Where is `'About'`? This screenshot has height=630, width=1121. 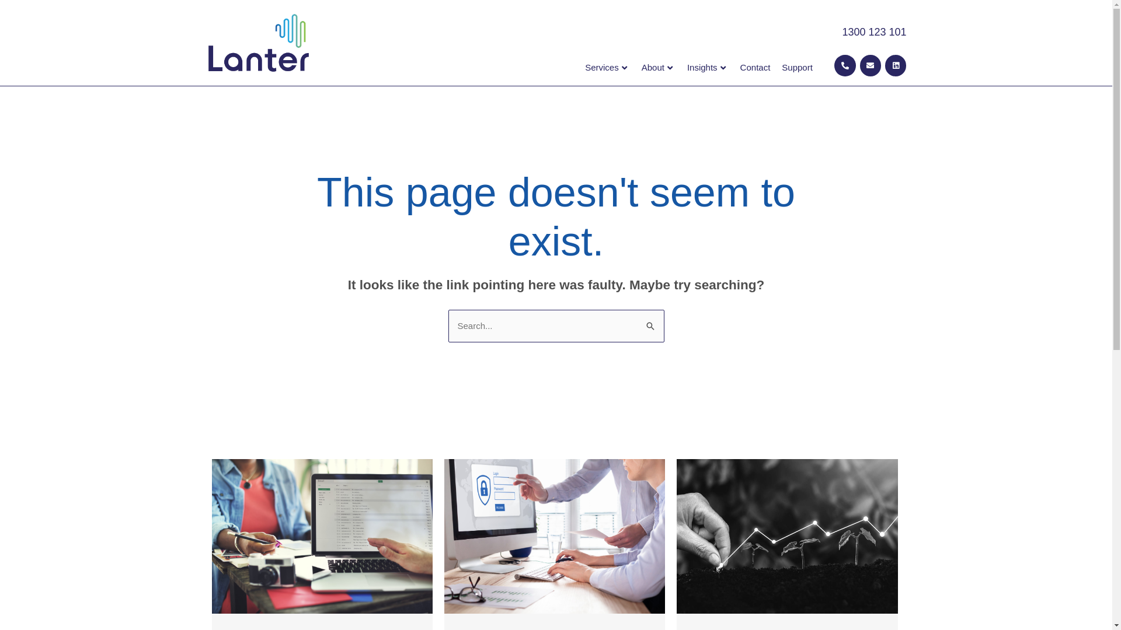 'About' is located at coordinates (659, 67).